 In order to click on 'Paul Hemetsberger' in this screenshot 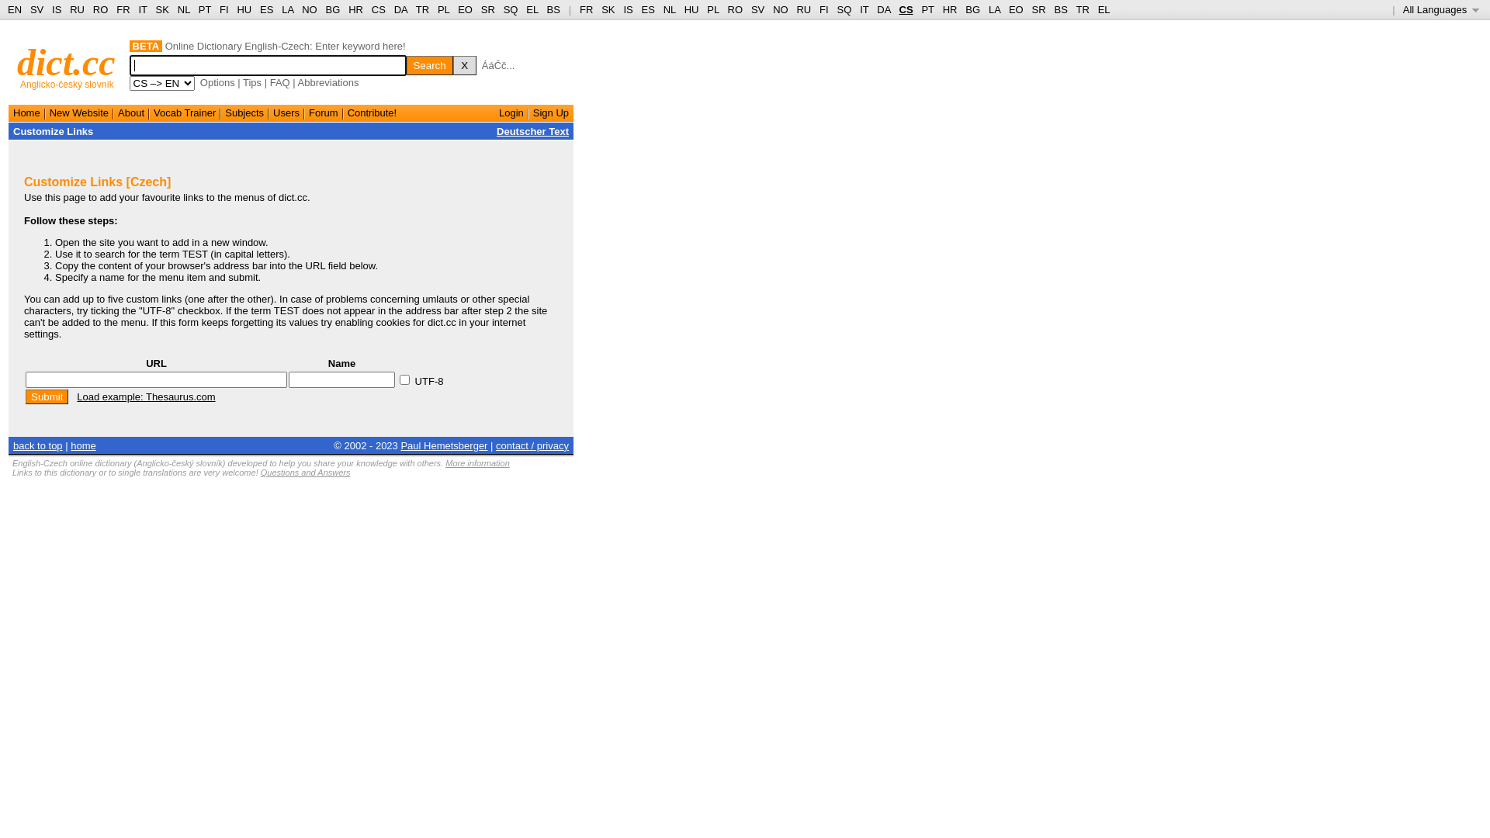, I will do `click(442, 445)`.